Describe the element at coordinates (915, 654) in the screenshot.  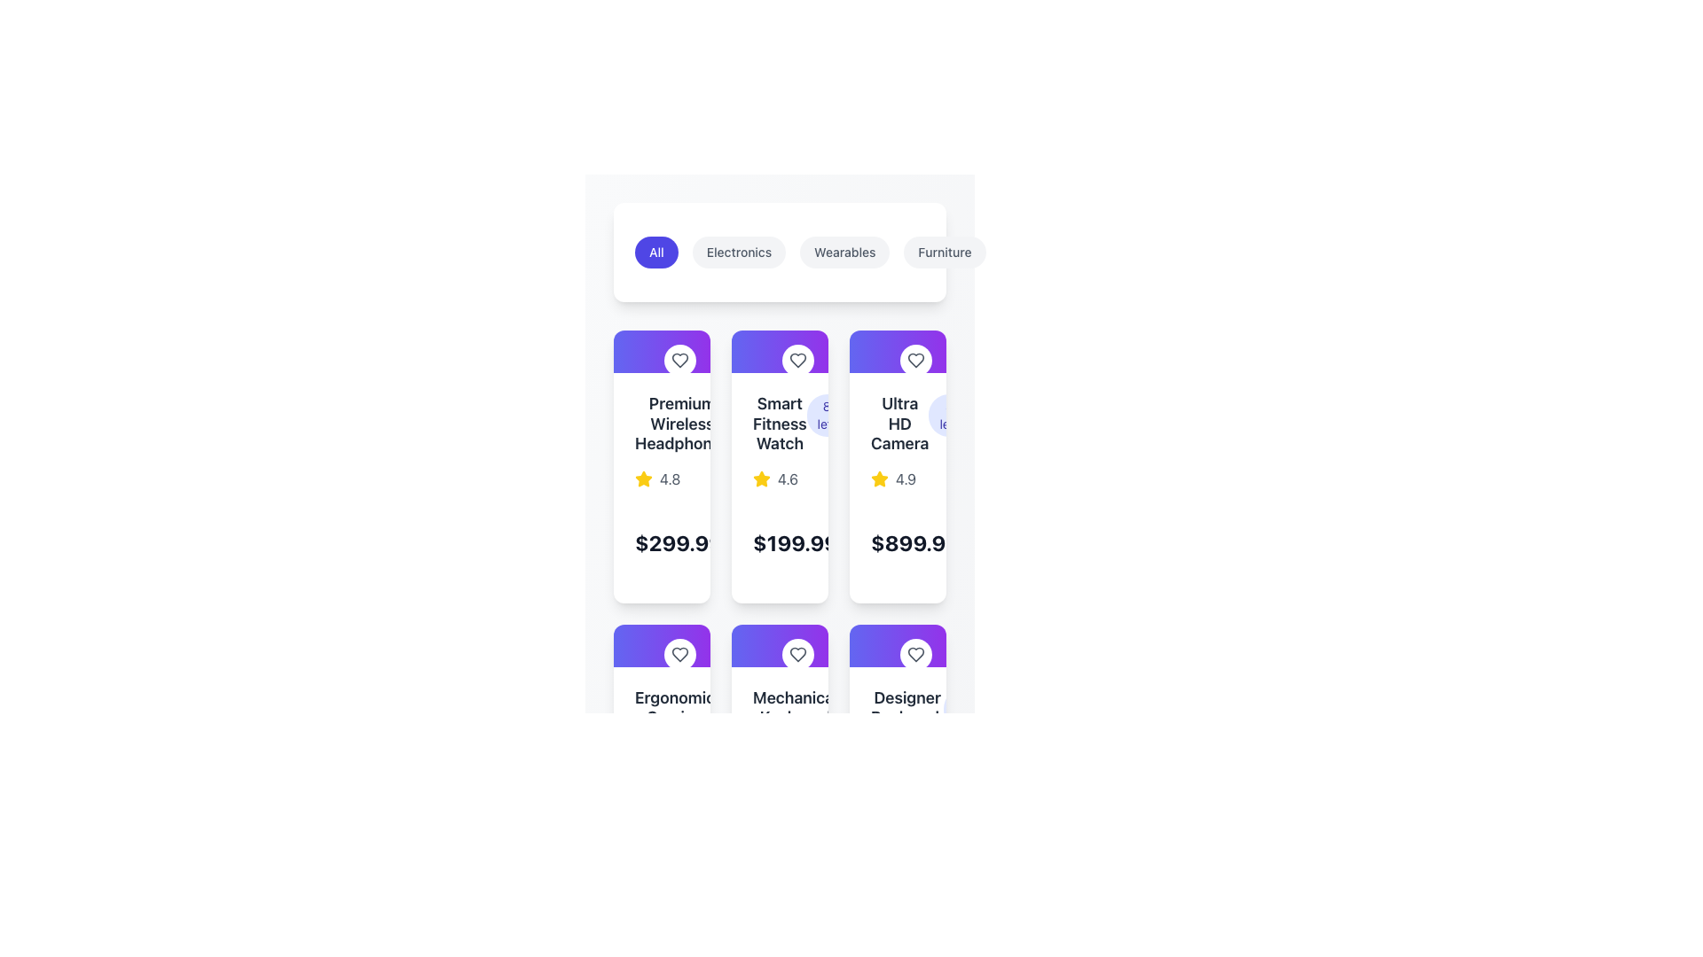
I see `the heart icon button, which is outlined in dark gray and centered within a circular white background with a purple border` at that location.